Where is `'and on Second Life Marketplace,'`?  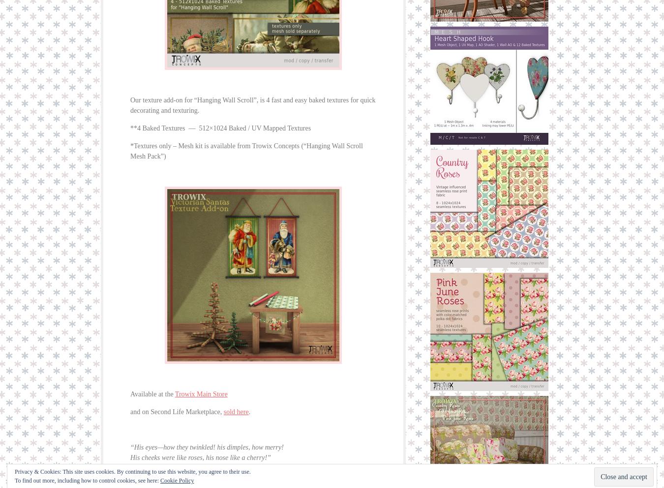
'and on Second Life Marketplace,' is located at coordinates (177, 411).